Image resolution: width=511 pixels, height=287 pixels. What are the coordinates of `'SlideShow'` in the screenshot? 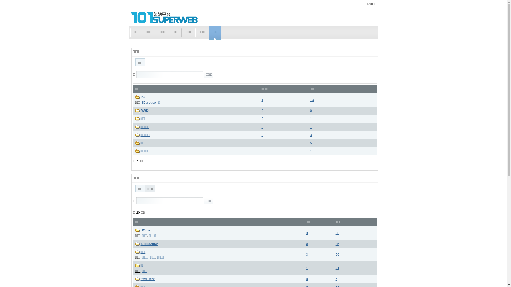 It's located at (149, 244).